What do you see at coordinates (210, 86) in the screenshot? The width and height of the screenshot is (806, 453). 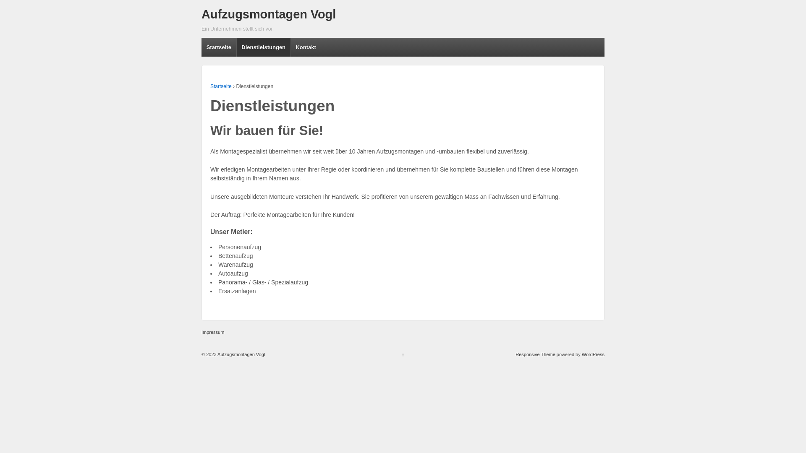 I see `'Startseite'` at bounding box center [210, 86].